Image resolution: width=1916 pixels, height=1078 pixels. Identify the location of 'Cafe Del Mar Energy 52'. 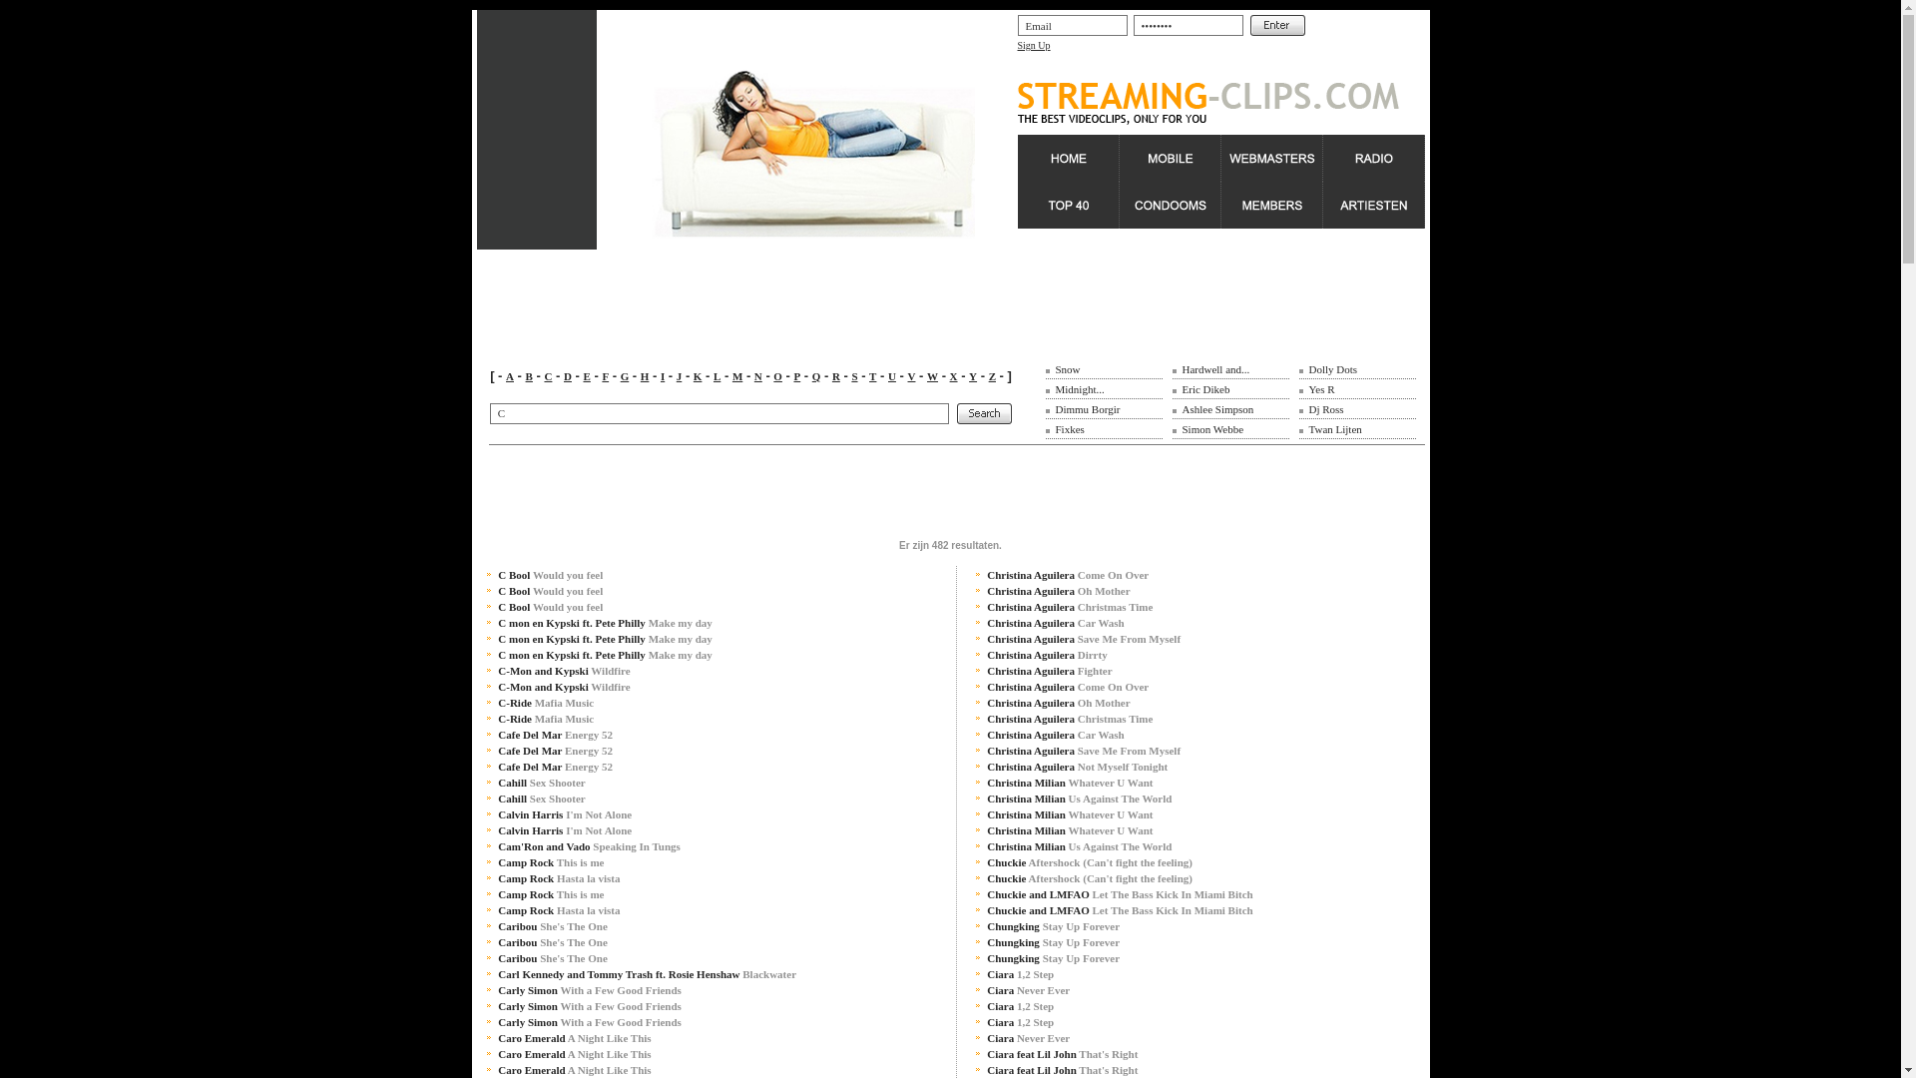
(555, 751).